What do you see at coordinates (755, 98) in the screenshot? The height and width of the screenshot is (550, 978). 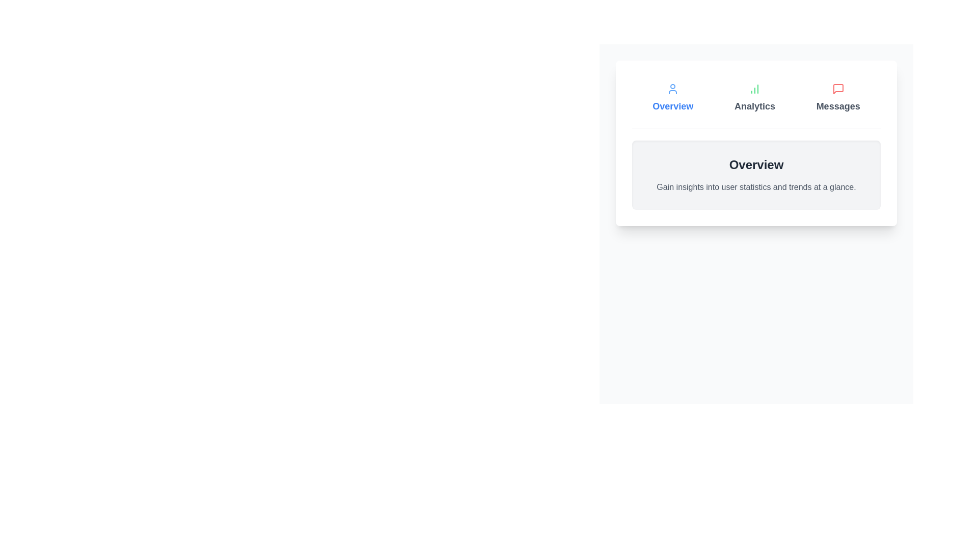 I see `the Analytics tab` at bounding box center [755, 98].